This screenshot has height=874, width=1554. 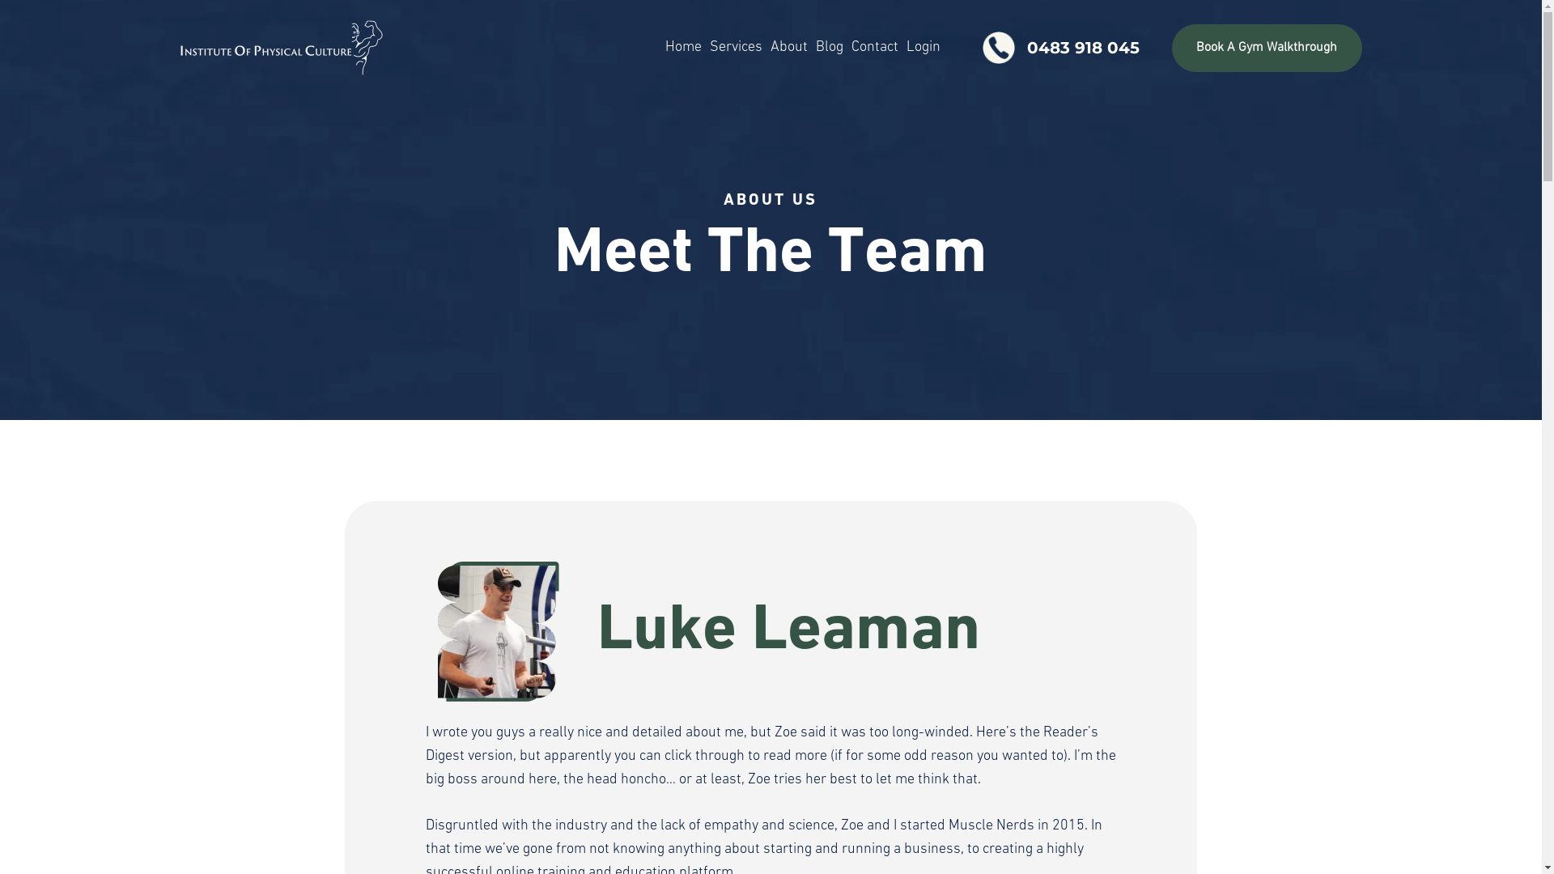 I want to click on 'Services', so click(x=706, y=46).